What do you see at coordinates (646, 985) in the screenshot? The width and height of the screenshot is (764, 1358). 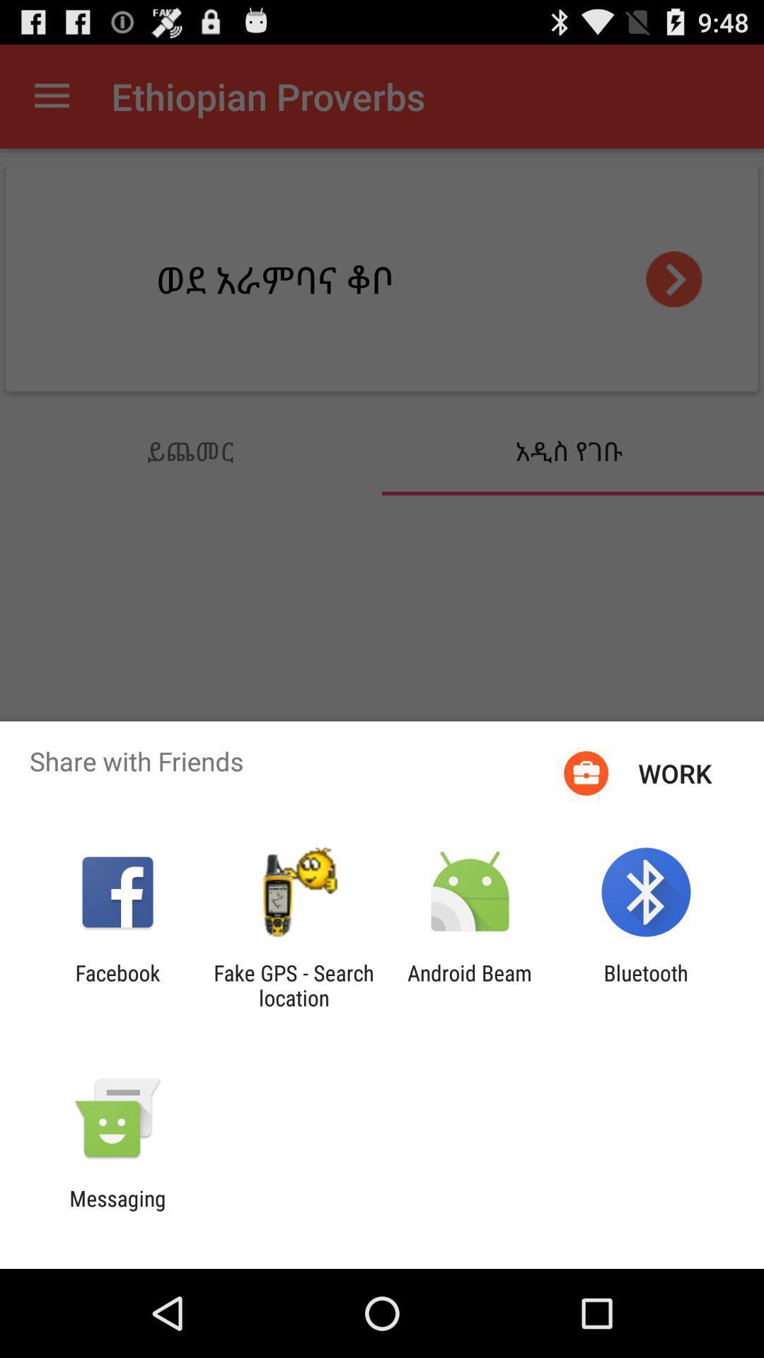 I see `bluetooth app` at bounding box center [646, 985].